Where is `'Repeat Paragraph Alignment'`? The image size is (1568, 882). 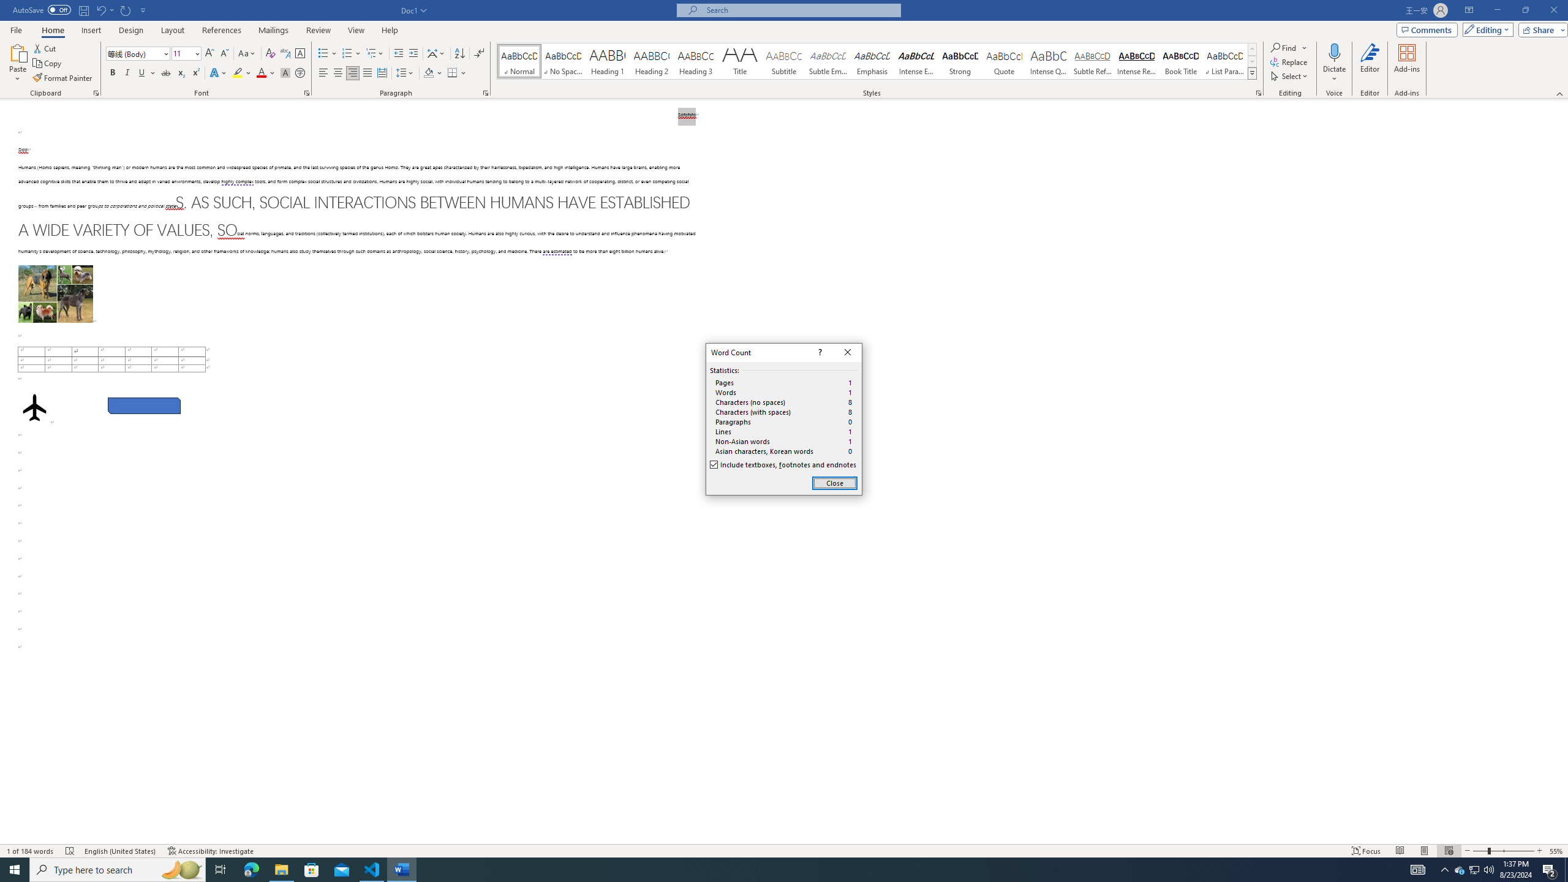
'Repeat Paragraph Alignment' is located at coordinates (126, 9).